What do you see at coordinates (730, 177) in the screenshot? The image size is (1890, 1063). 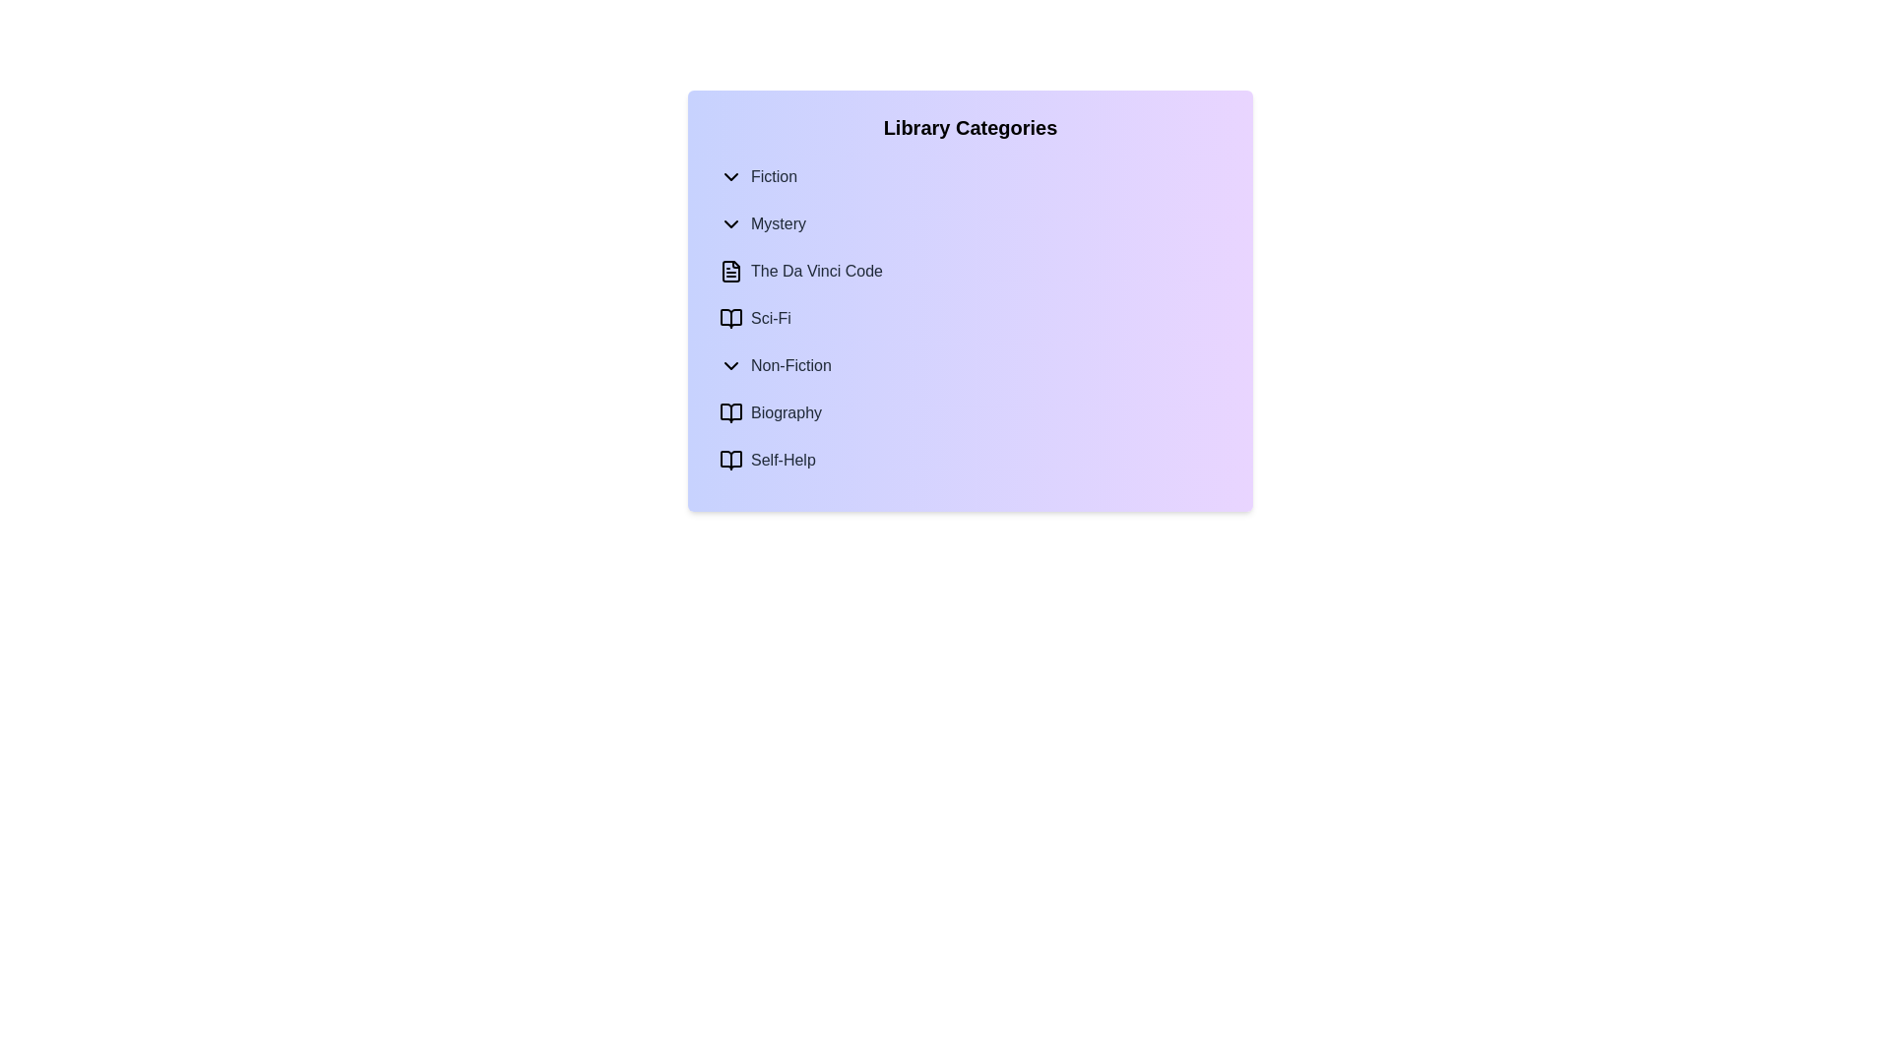 I see `the downward-pointing chevron icon next to the text label 'Fiction'` at bounding box center [730, 177].